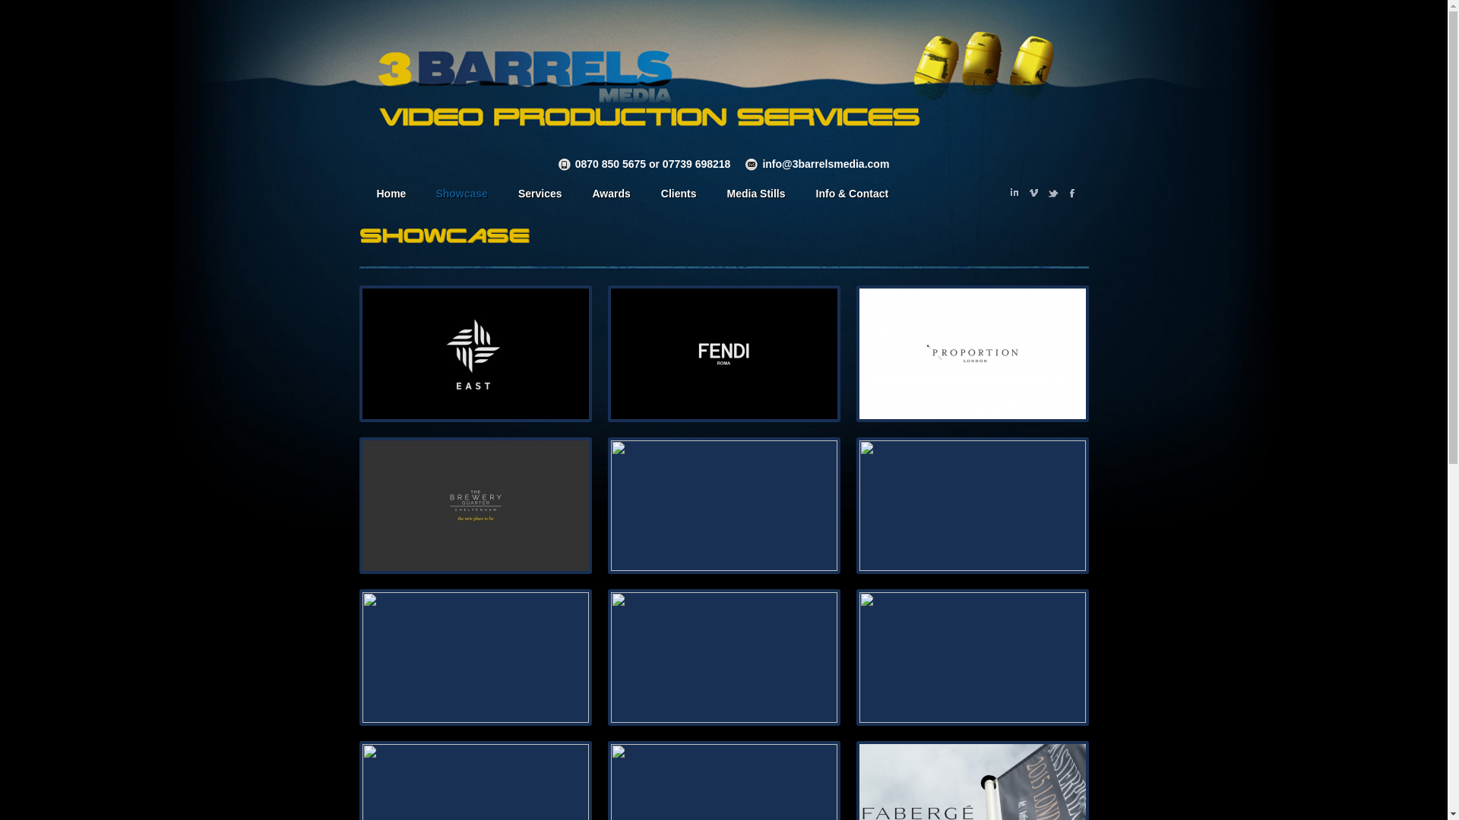  What do you see at coordinates (678, 195) in the screenshot?
I see `'Clients'` at bounding box center [678, 195].